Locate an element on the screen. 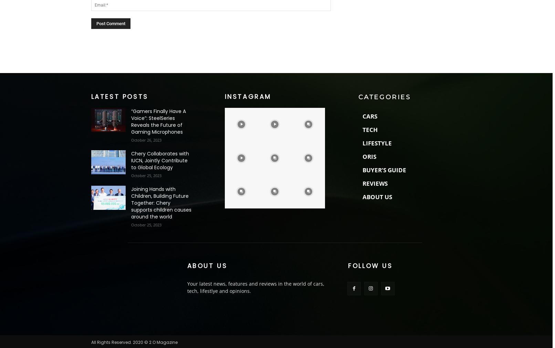 This screenshot has width=555, height=348. 'BUYER’S GUIDE' is located at coordinates (362, 170).